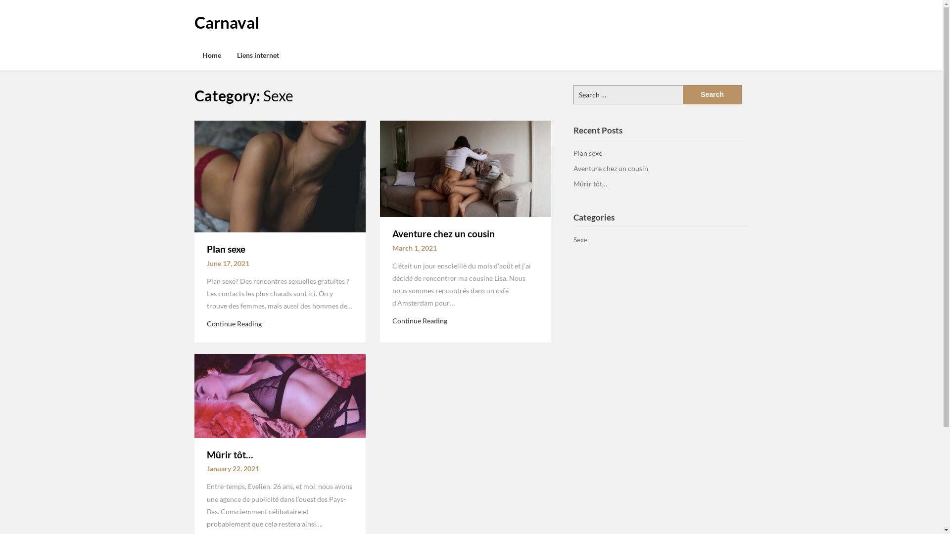 The image size is (950, 534). What do you see at coordinates (225, 248) in the screenshot?
I see `'Plan sexe'` at bounding box center [225, 248].